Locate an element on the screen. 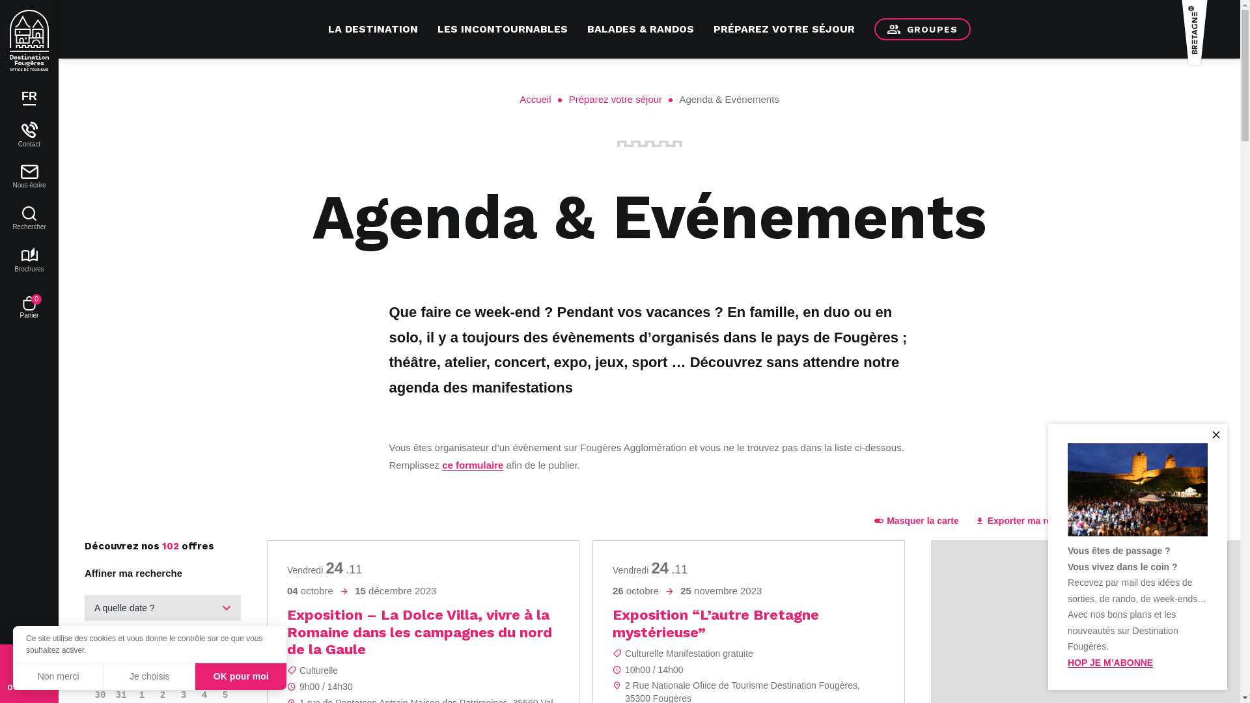  'Contact' is located at coordinates (29, 135).